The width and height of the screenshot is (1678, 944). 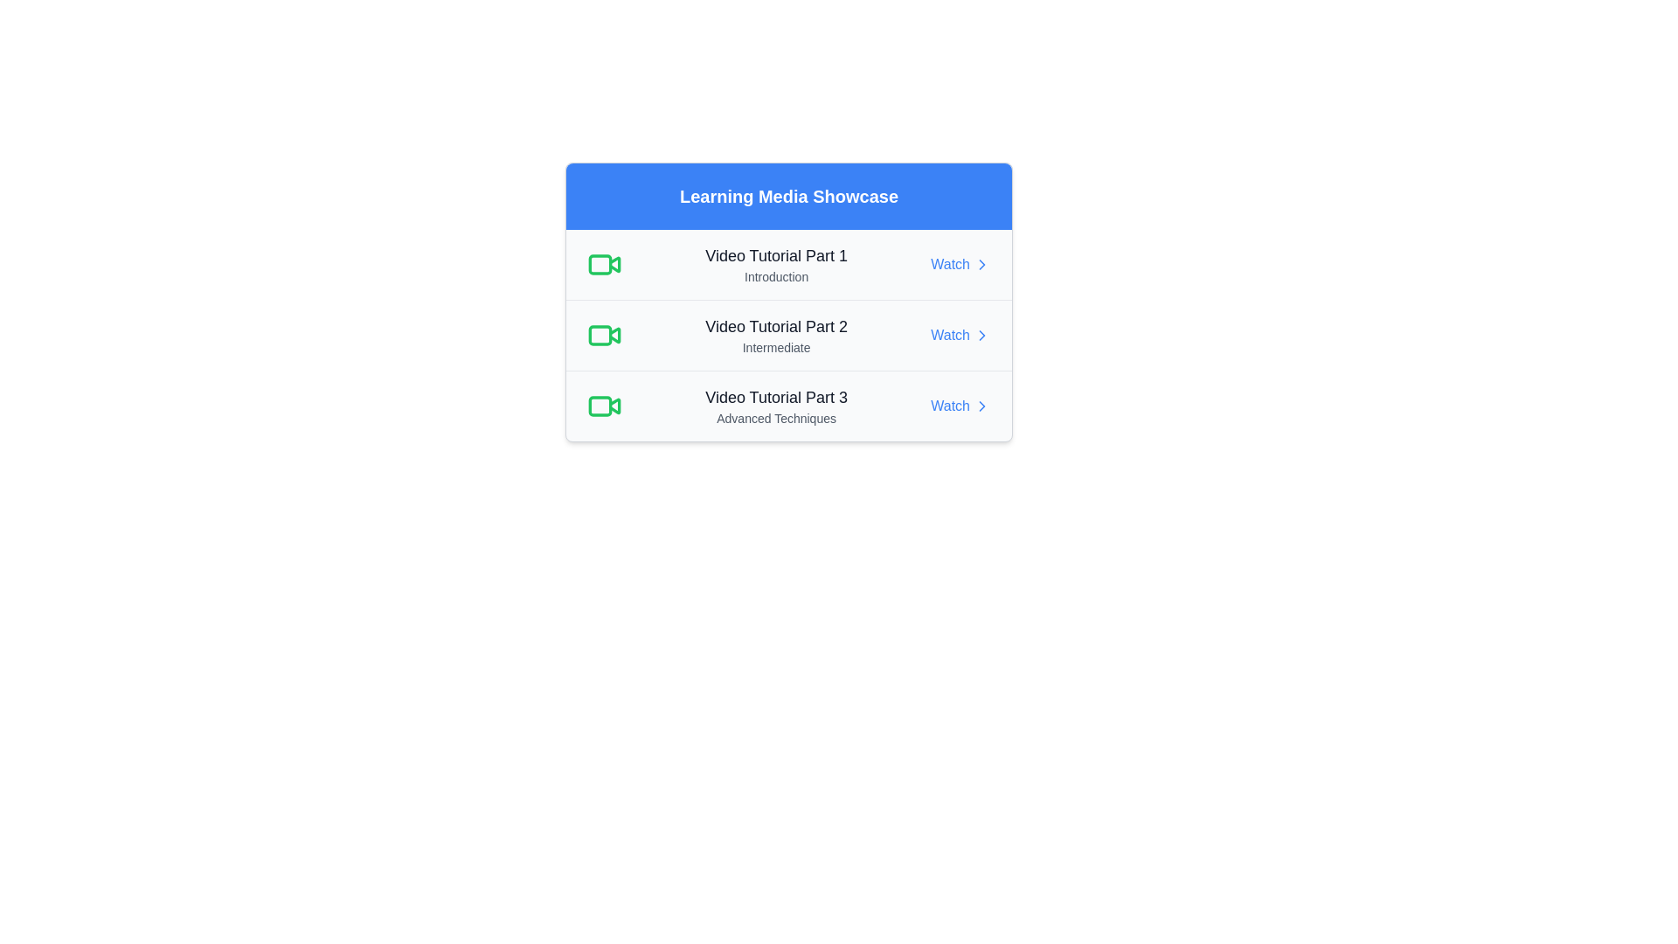 I want to click on the Text block titled 'Video Tutorial Part 2' with the subtitle 'Intermediate', so click(x=775, y=336).